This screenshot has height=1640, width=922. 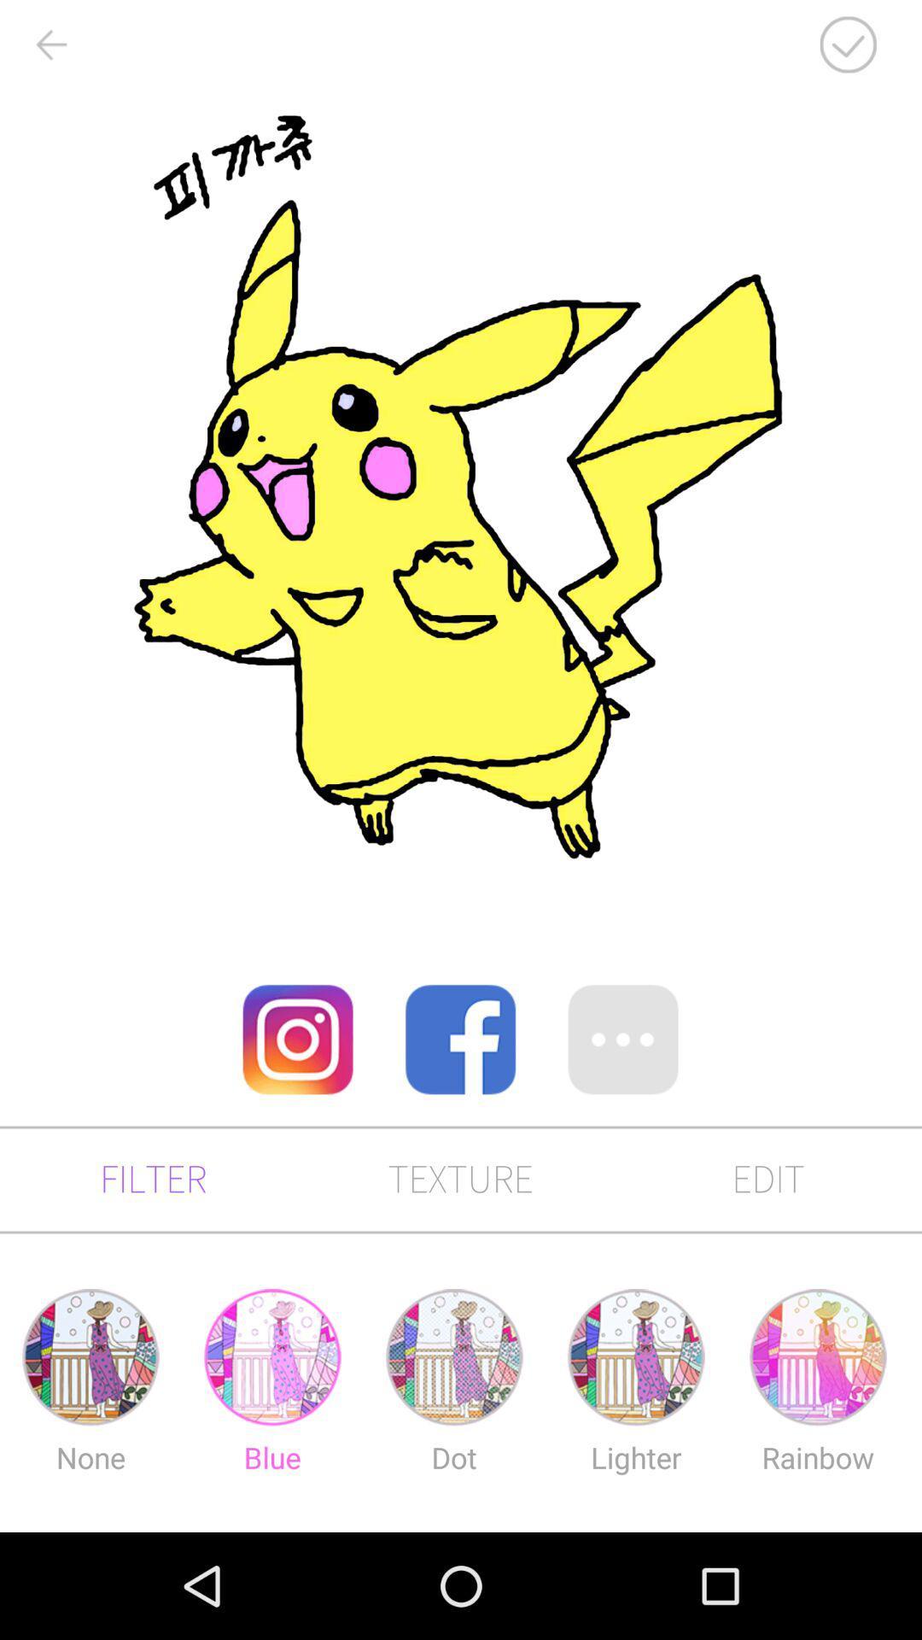 I want to click on the photo icon, so click(x=297, y=1039).